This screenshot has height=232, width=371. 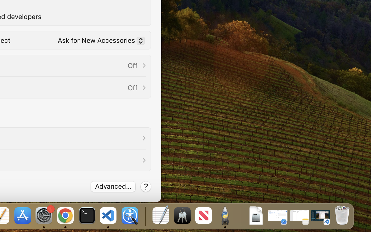 What do you see at coordinates (145, 216) in the screenshot?
I see `'0.4285714328289032'` at bounding box center [145, 216].